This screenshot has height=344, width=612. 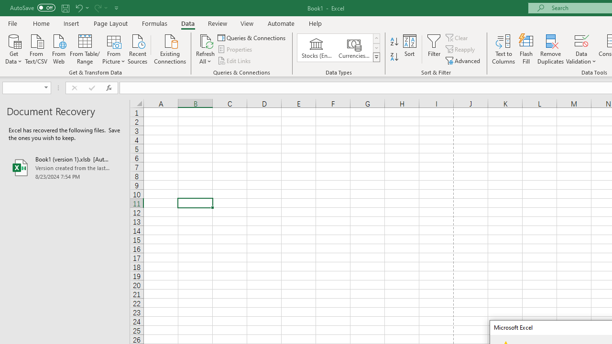 I want to click on 'AutoSave', so click(x=33, y=8).